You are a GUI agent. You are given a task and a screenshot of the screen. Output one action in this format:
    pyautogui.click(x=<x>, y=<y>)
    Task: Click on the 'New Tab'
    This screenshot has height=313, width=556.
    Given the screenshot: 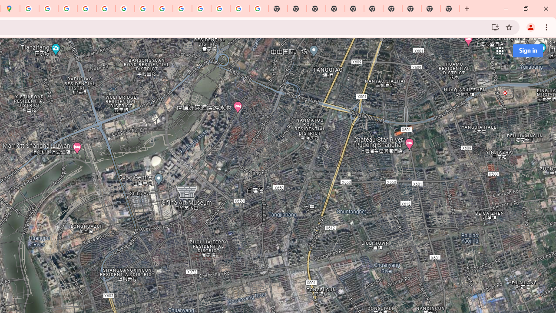 What is the action you would take?
    pyautogui.click(x=450, y=9)
    